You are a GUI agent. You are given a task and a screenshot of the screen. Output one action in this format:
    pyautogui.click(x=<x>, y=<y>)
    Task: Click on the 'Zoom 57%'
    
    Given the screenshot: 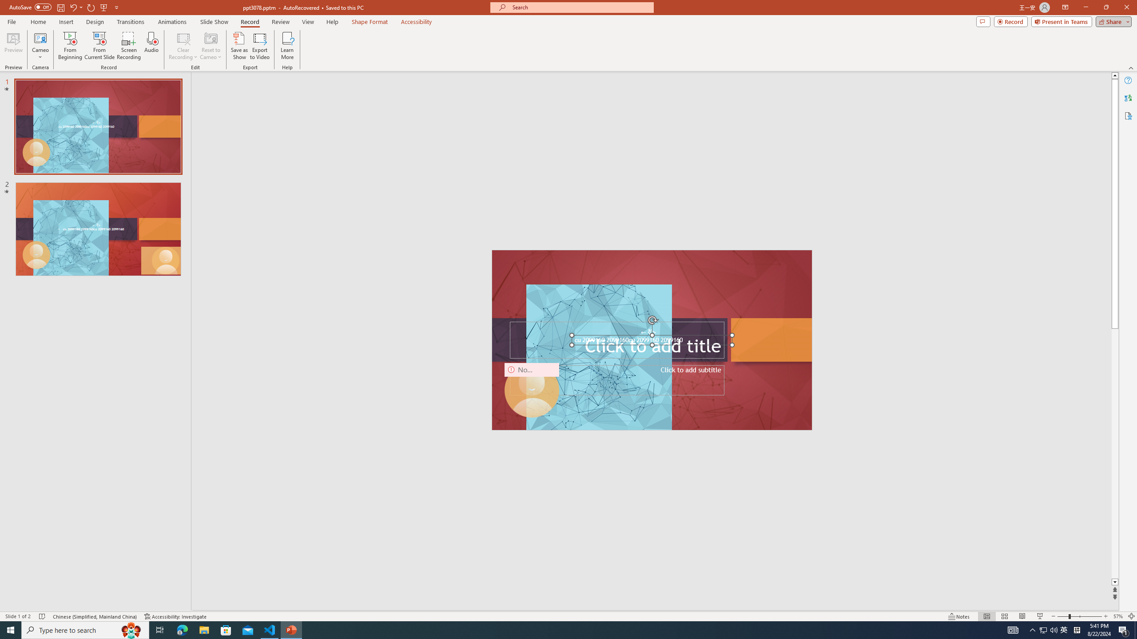 What is the action you would take?
    pyautogui.click(x=1117, y=616)
    